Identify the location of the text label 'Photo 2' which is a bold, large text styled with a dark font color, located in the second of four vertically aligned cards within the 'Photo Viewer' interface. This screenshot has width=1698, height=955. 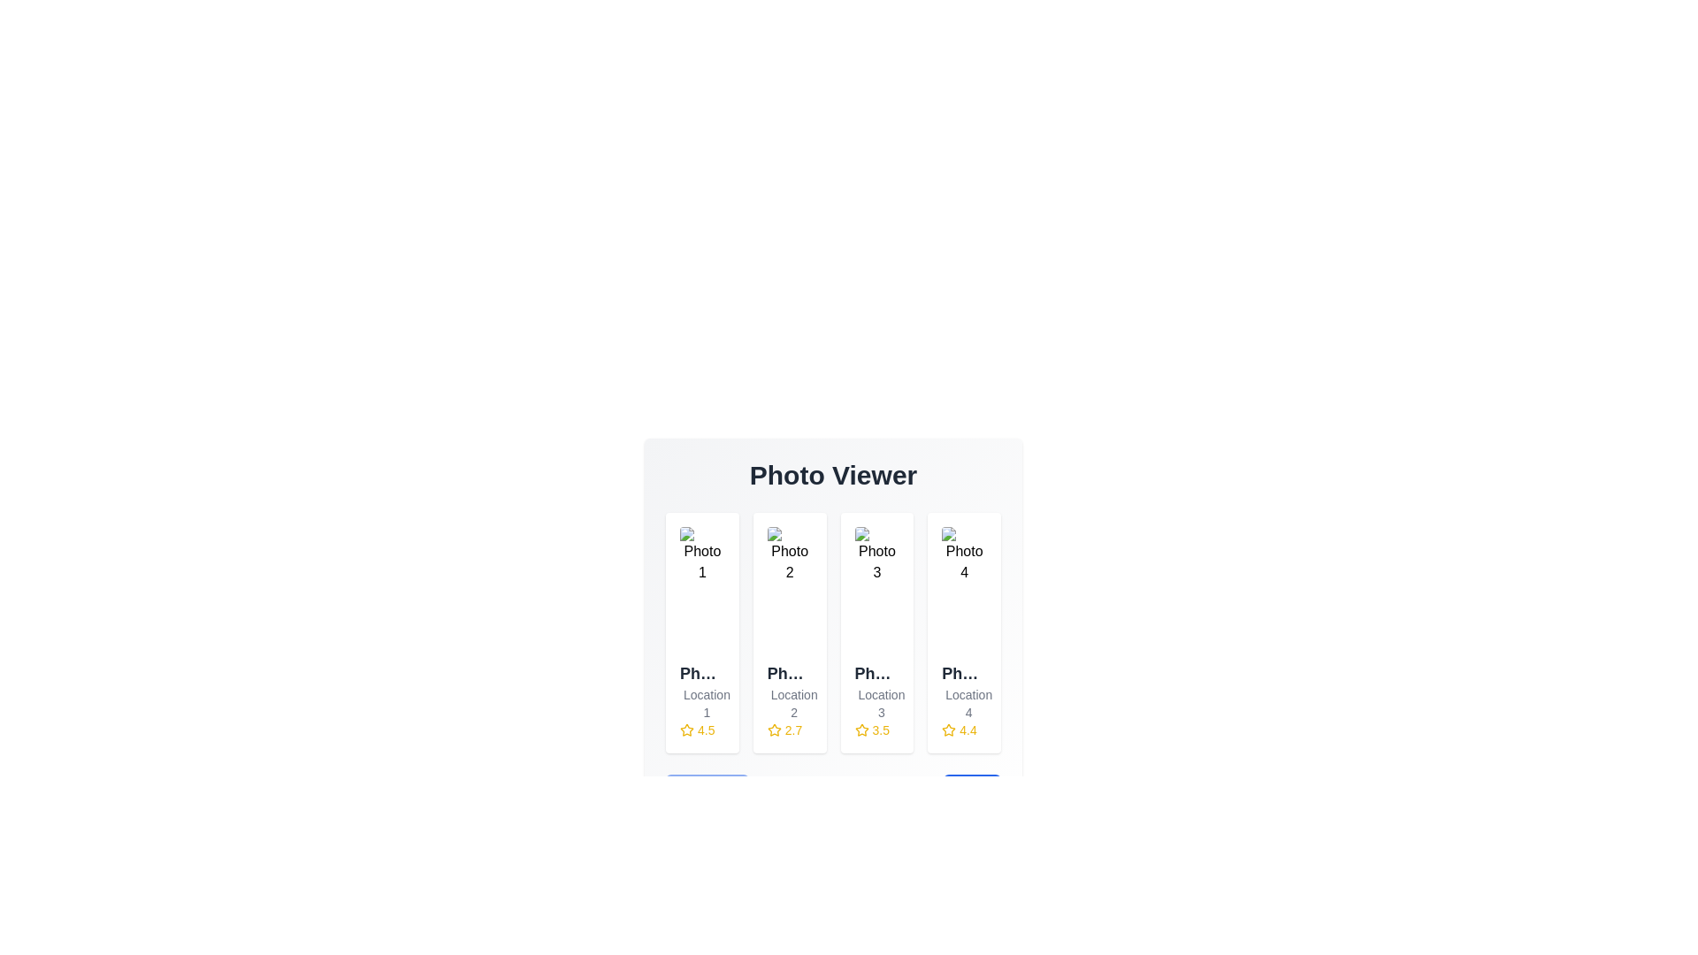
(789, 674).